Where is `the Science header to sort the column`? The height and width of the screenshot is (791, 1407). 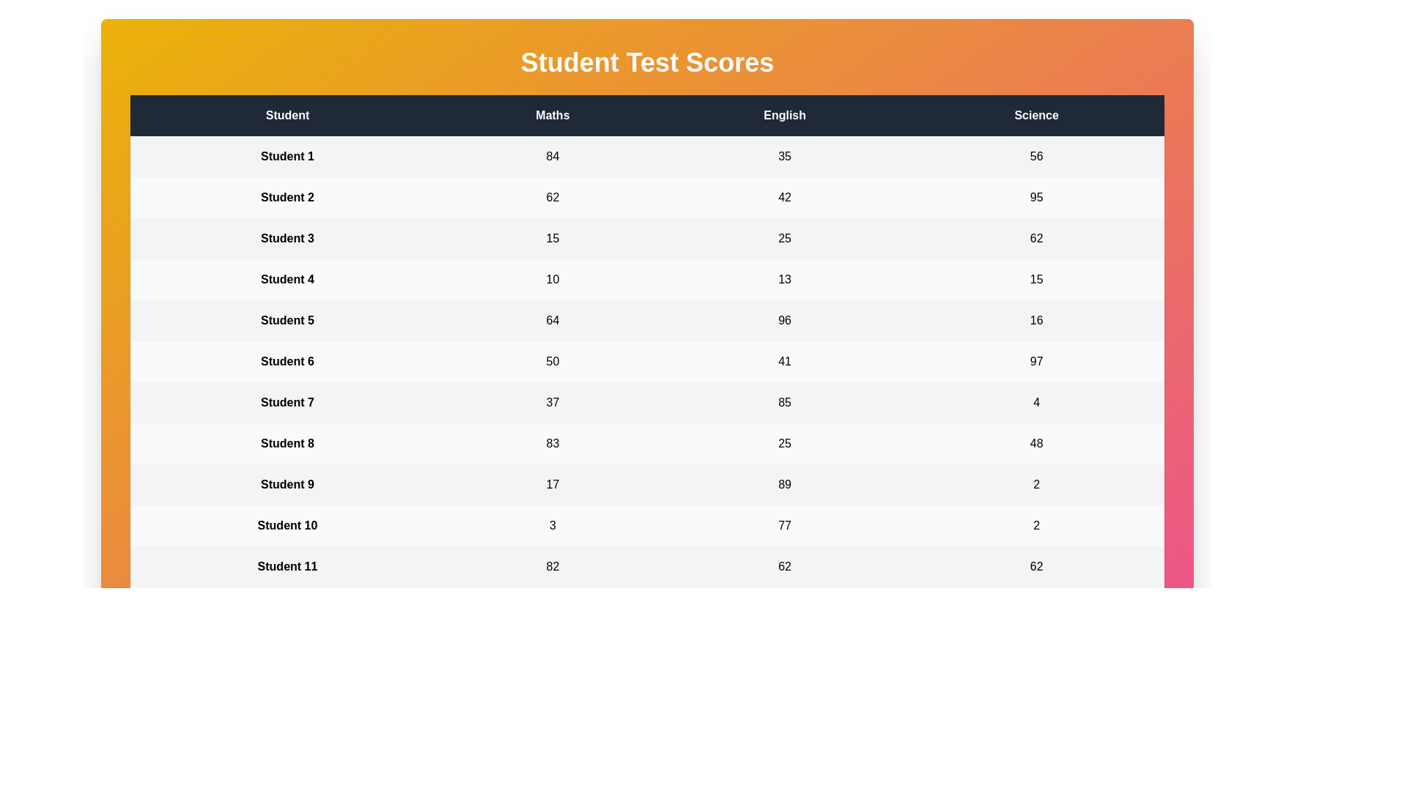 the Science header to sort the column is located at coordinates (1035, 115).